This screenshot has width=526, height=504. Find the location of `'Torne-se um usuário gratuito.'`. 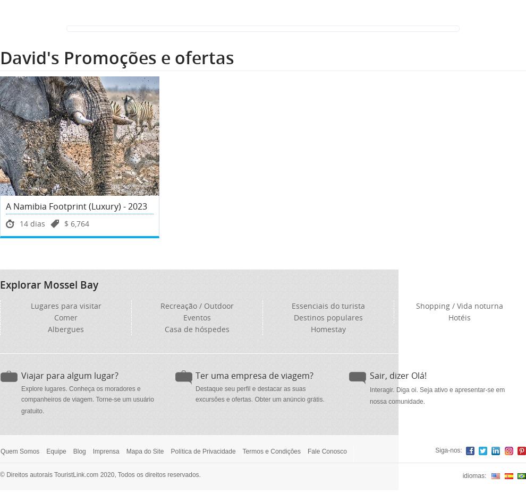

'Torne-se um usuário gratuito.' is located at coordinates (87, 404).